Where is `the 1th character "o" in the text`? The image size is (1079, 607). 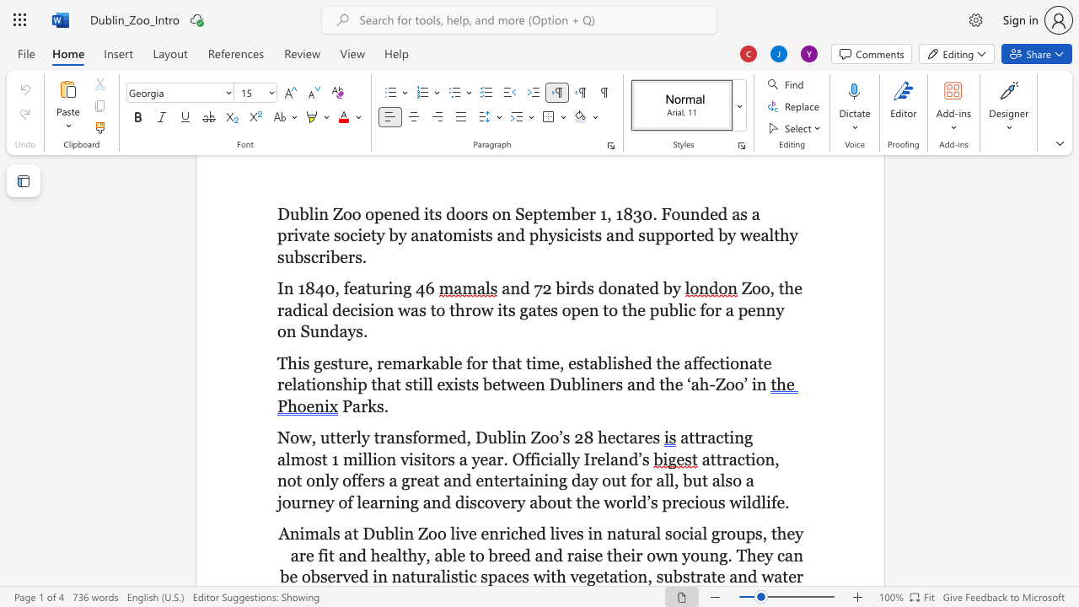
the 1th character "o" in the text is located at coordinates (432, 534).